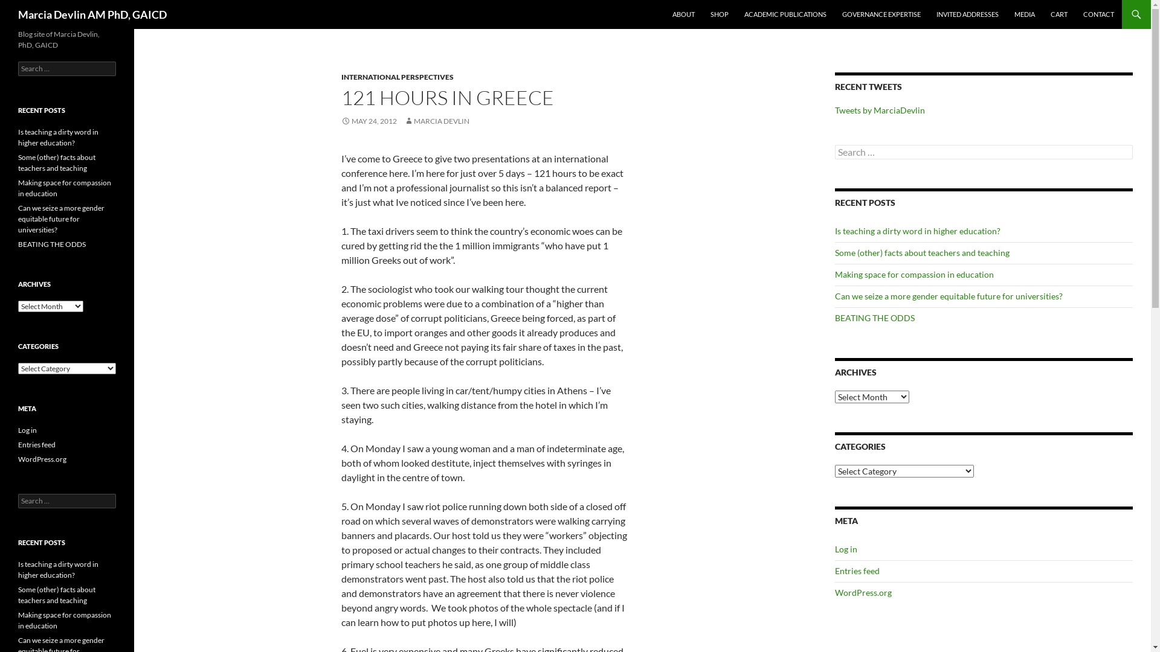 This screenshot has width=1160, height=652. I want to click on 'INVITED ADDRESSES', so click(967, 14).